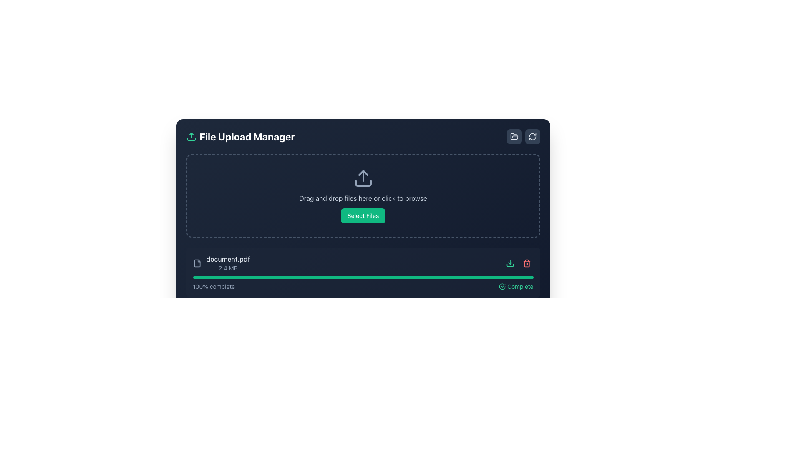 Image resolution: width=801 pixels, height=450 pixels. Describe the element at coordinates (363, 277) in the screenshot. I see `the Progress Bar indicating the file upload progress for 'document.pdf 2.4 MB', which shows '100% complete' and has a green label 'Complete'` at that location.